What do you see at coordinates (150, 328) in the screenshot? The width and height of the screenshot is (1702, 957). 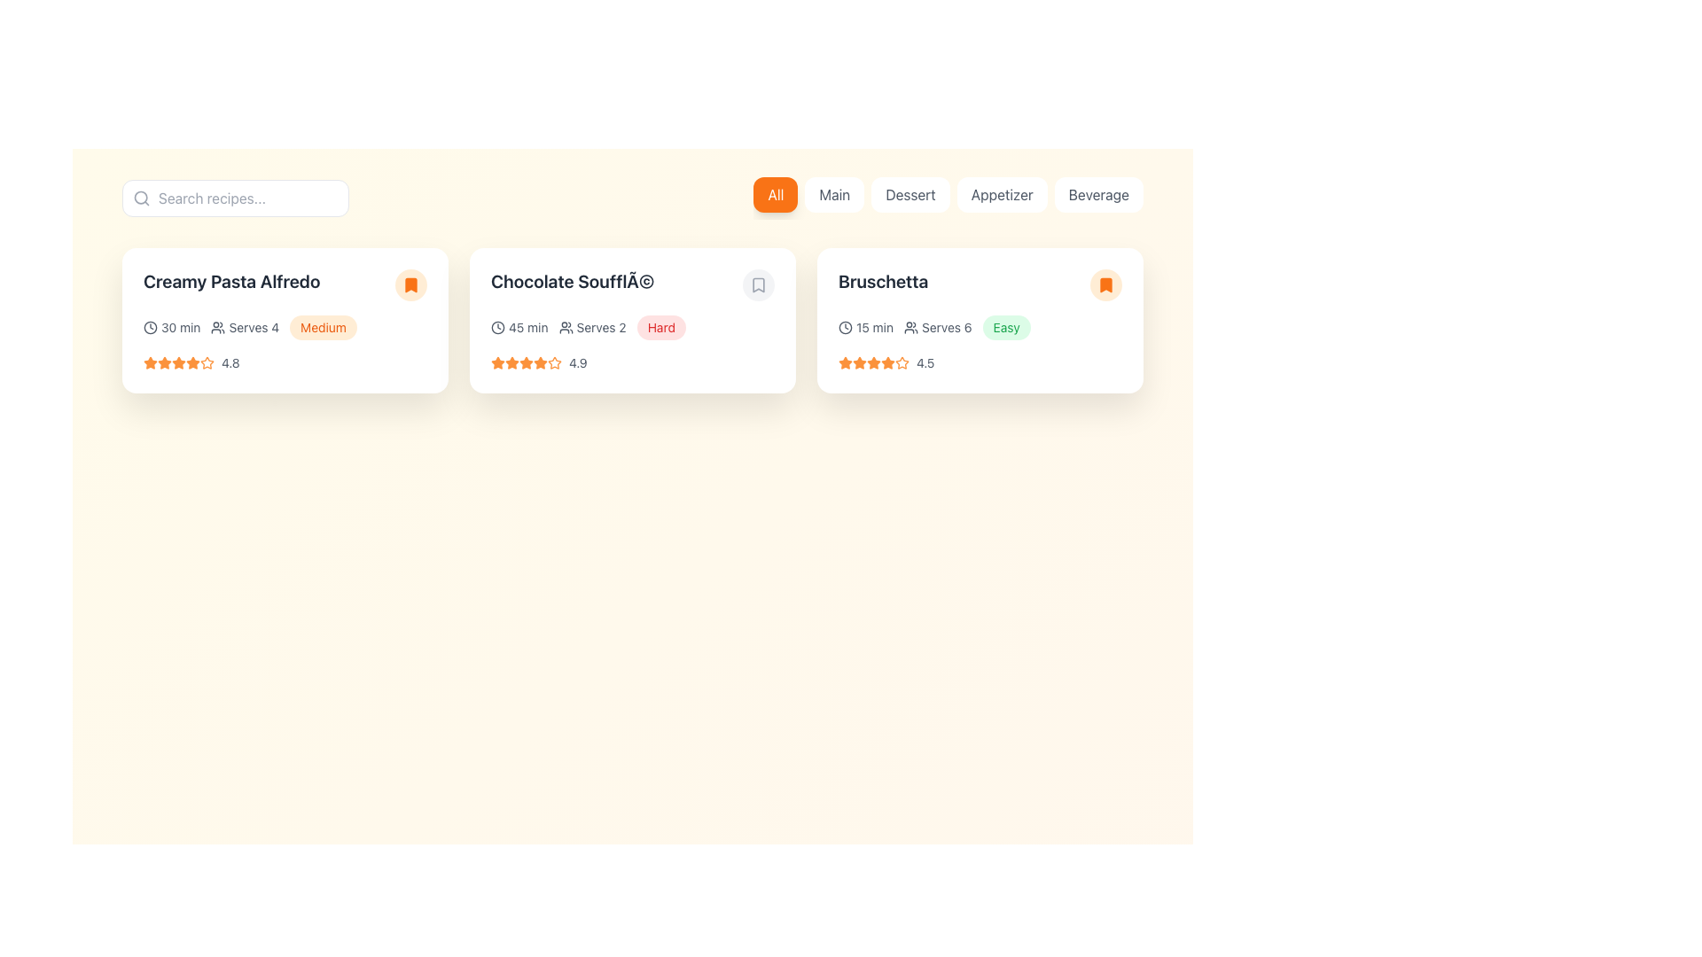 I see `outer circular part of the clock-like icon representing time-related information for the 'Creamy Pasta Alfredo' recipe` at bounding box center [150, 328].